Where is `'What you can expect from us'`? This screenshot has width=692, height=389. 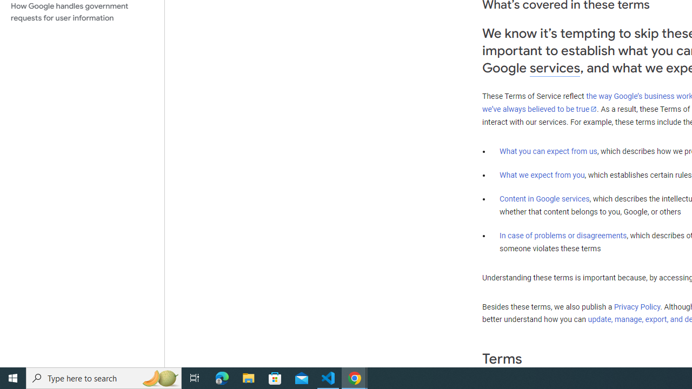
'What you can expect from us' is located at coordinates (548, 151).